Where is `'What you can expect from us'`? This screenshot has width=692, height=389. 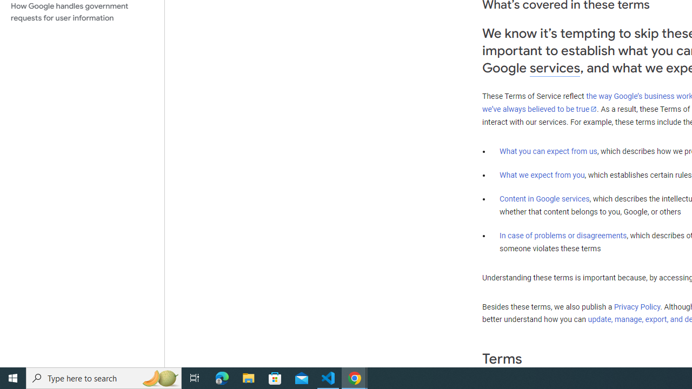
'What you can expect from us' is located at coordinates (548, 151).